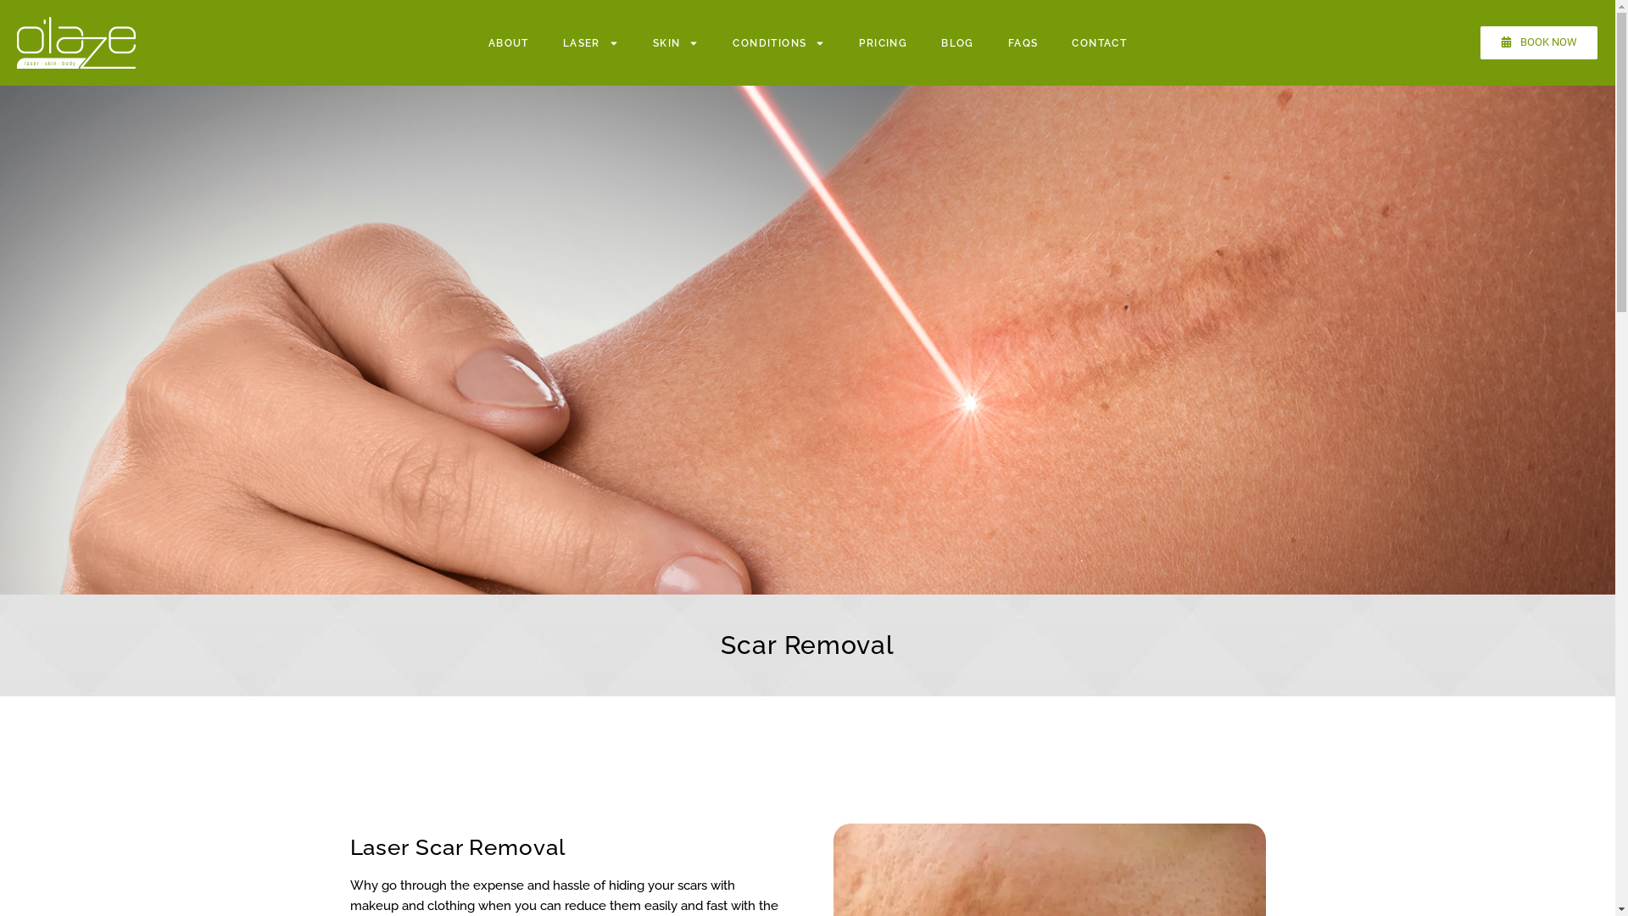 The height and width of the screenshot is (916, 1628). What do you see at coordinates (1538, 42) in the screenshot?
I see `'BOOK NOW'` at bounding box center [1538, 42].